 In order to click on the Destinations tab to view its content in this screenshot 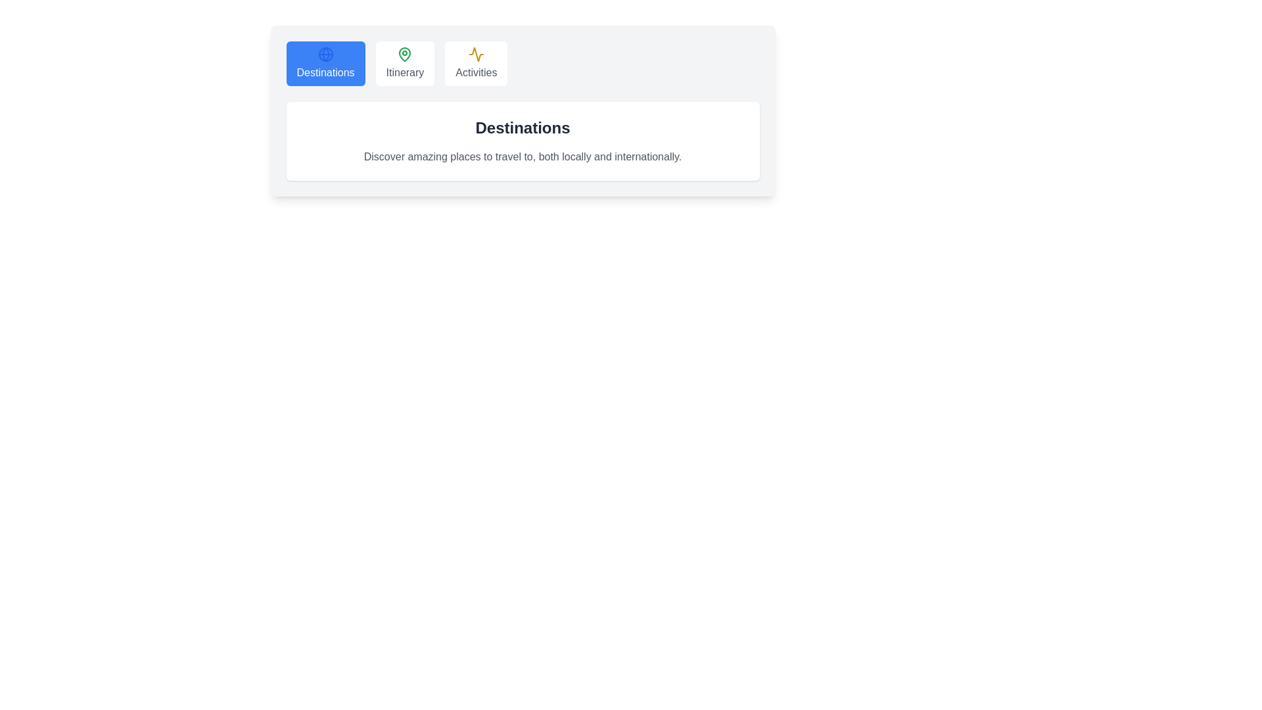, I will do `click(325, 63)`.